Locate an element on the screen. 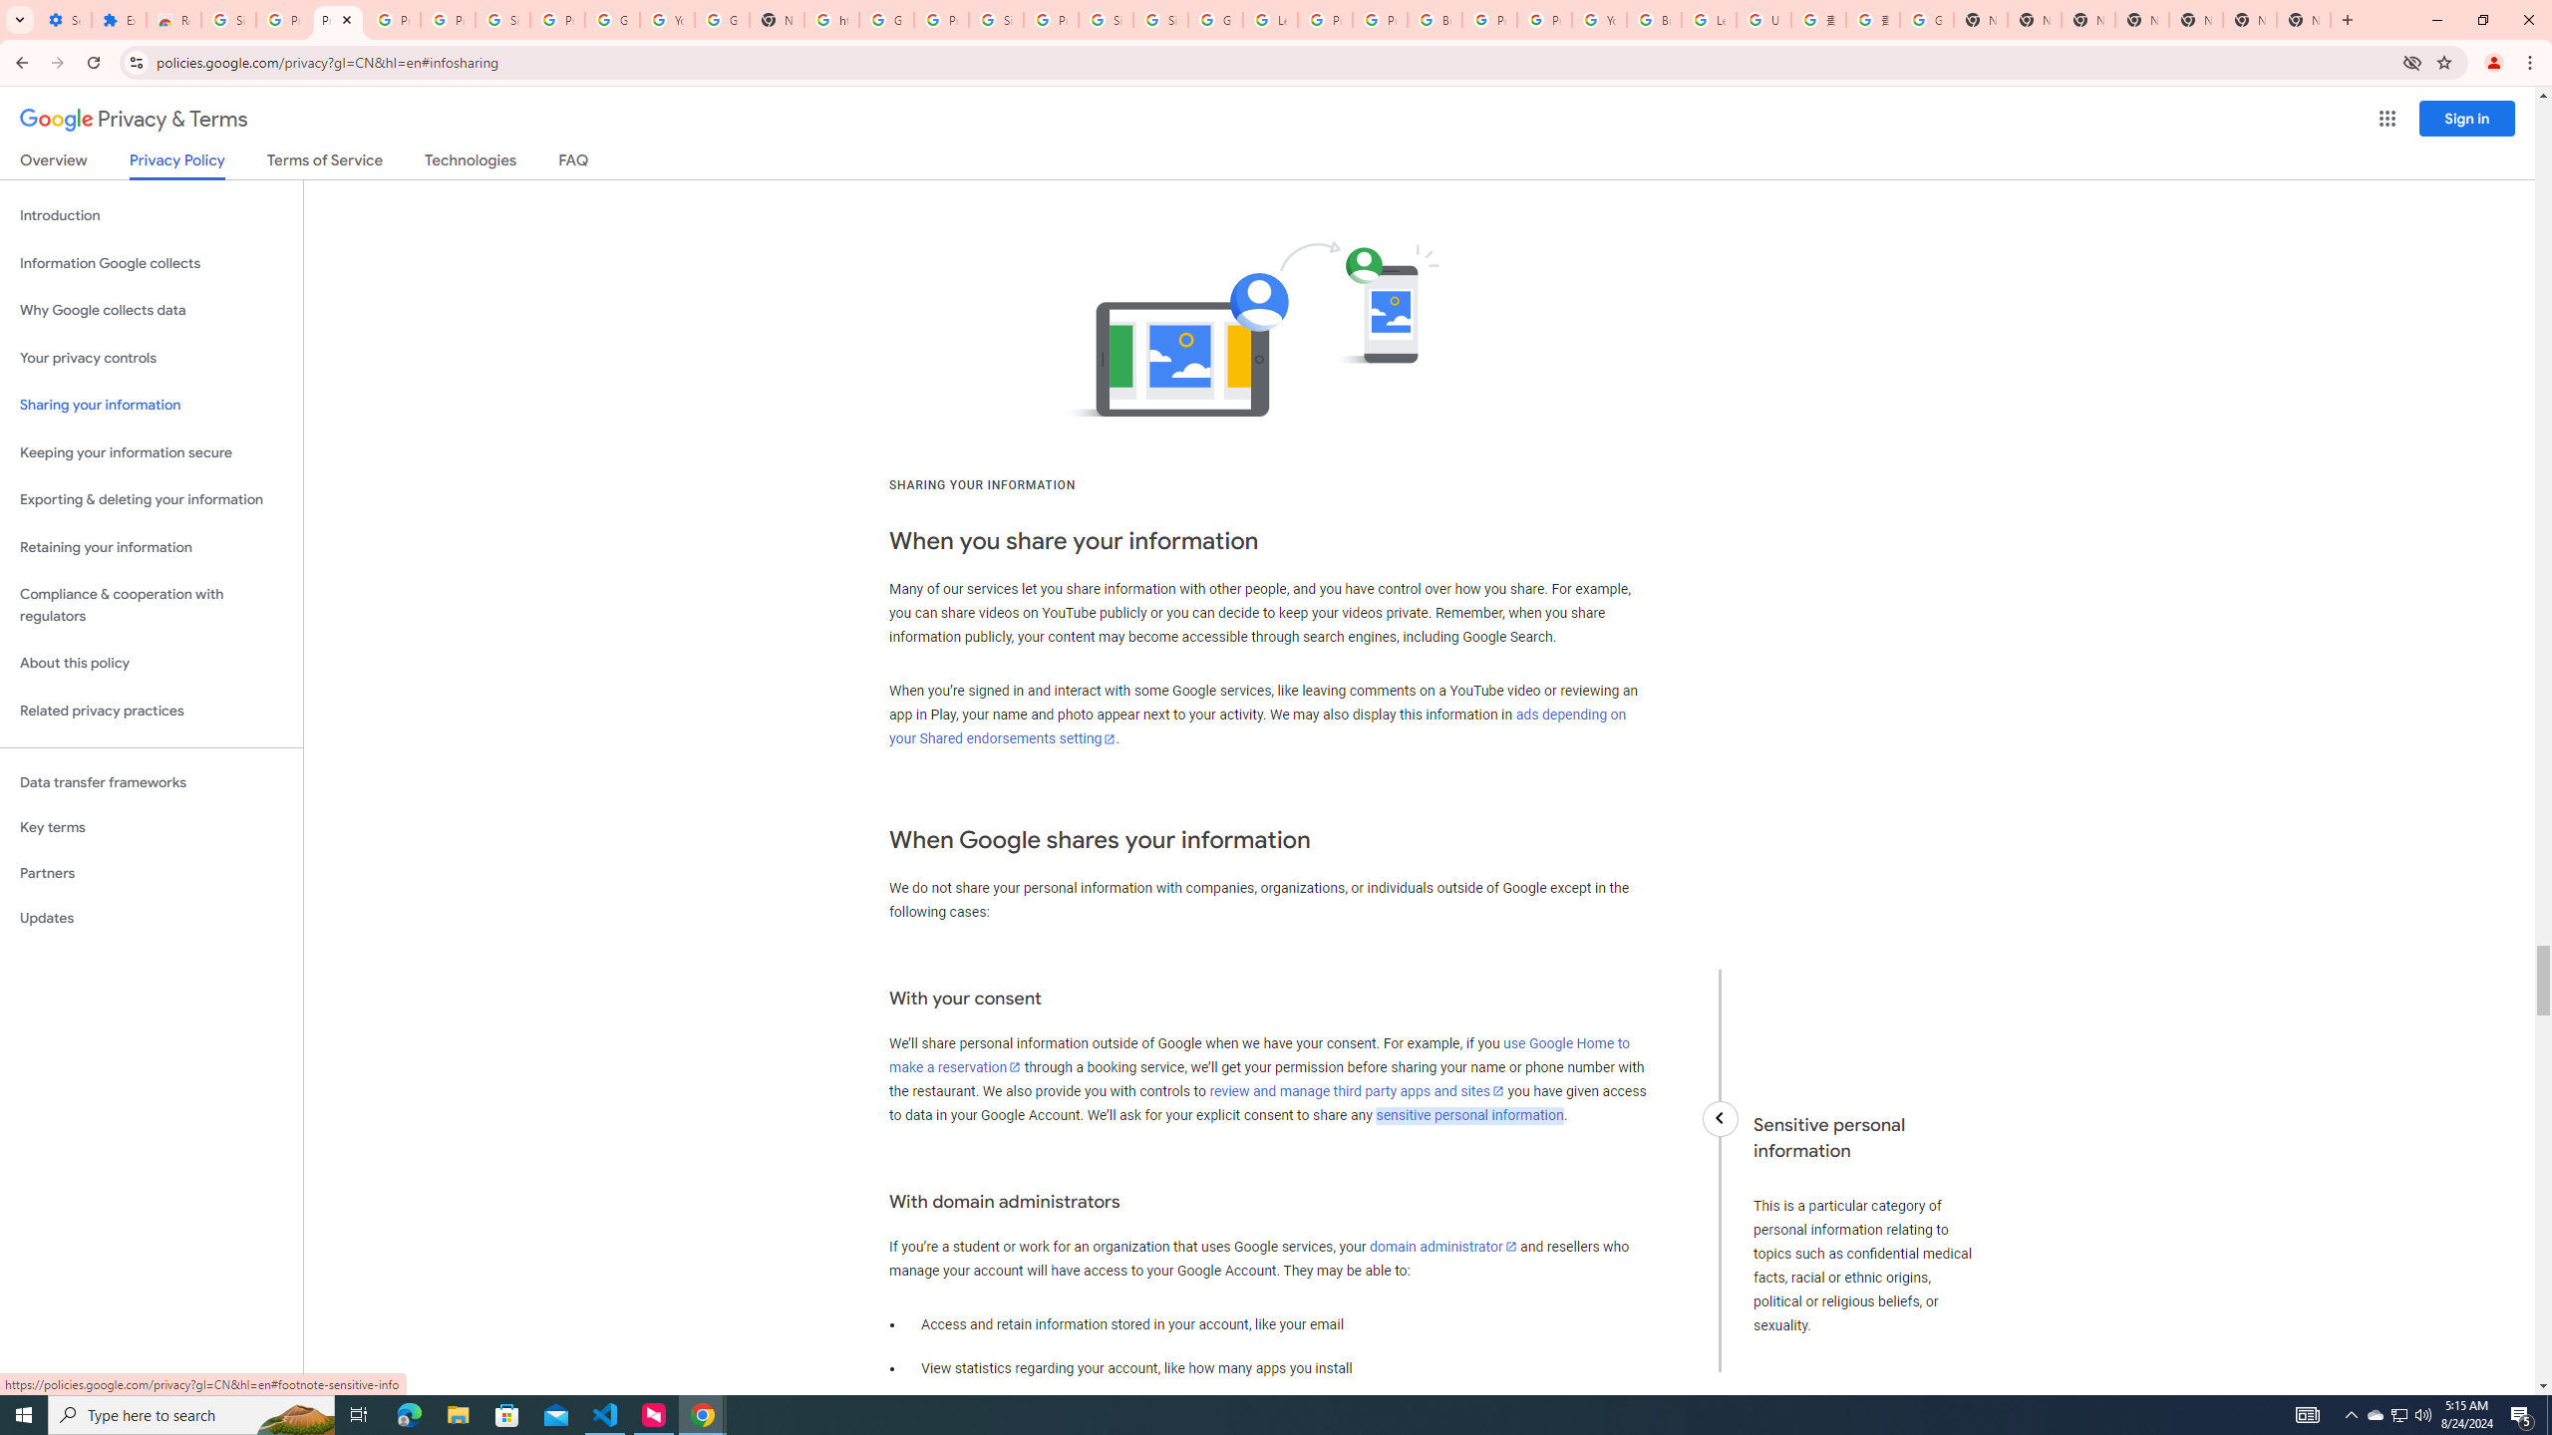 This screenshot has height=1435, width=2552. 'Technologies' is located at coordinates (471, 163).